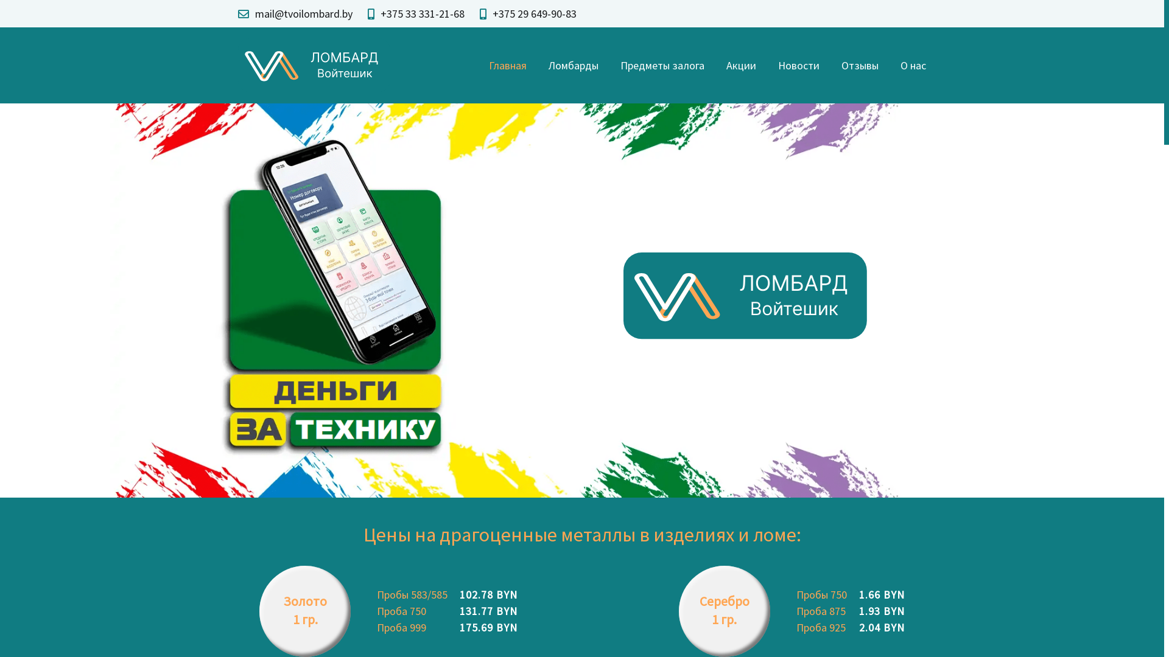 The height and width of the screenshot is (657, 1169). Describe the element at coordinates (304, 13) in the screenshot. I see `'mail@tvoilombard.by'` at that location.